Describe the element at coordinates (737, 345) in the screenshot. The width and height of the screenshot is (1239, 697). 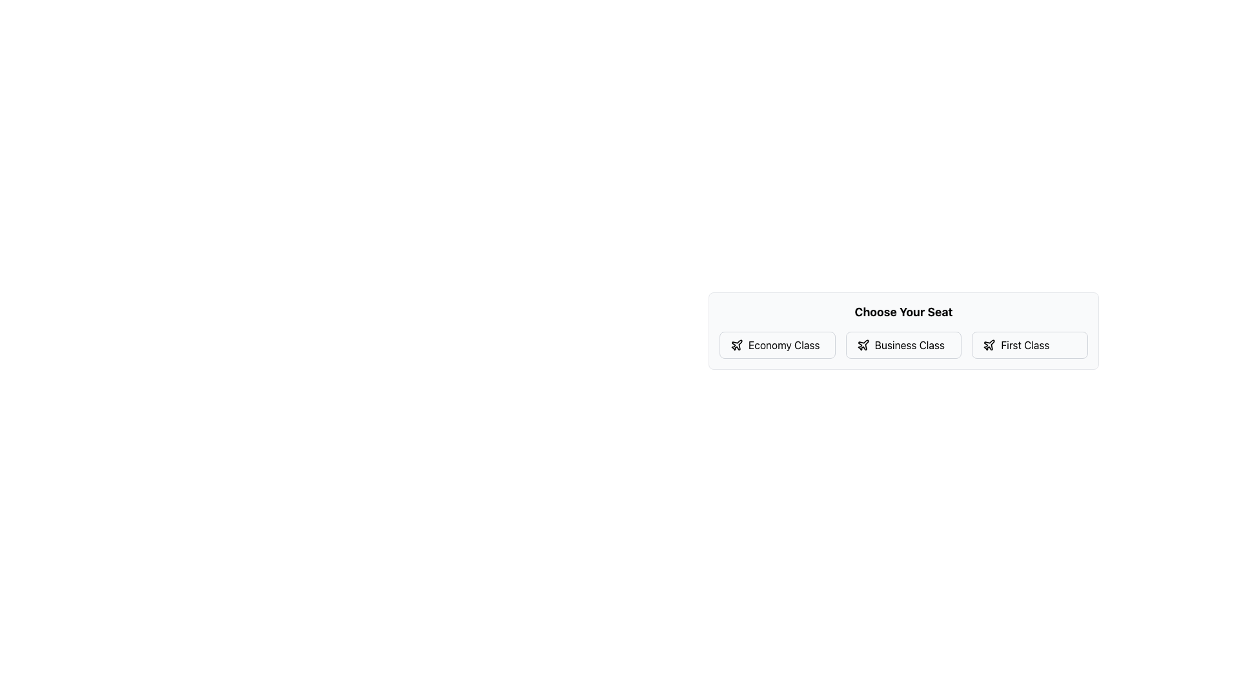
I see `the Economy Class icon, which visually represents the flight theme and is located to the left of the 'Economy Class' text label within the leftmost button of a horizontal group layout` at that location.